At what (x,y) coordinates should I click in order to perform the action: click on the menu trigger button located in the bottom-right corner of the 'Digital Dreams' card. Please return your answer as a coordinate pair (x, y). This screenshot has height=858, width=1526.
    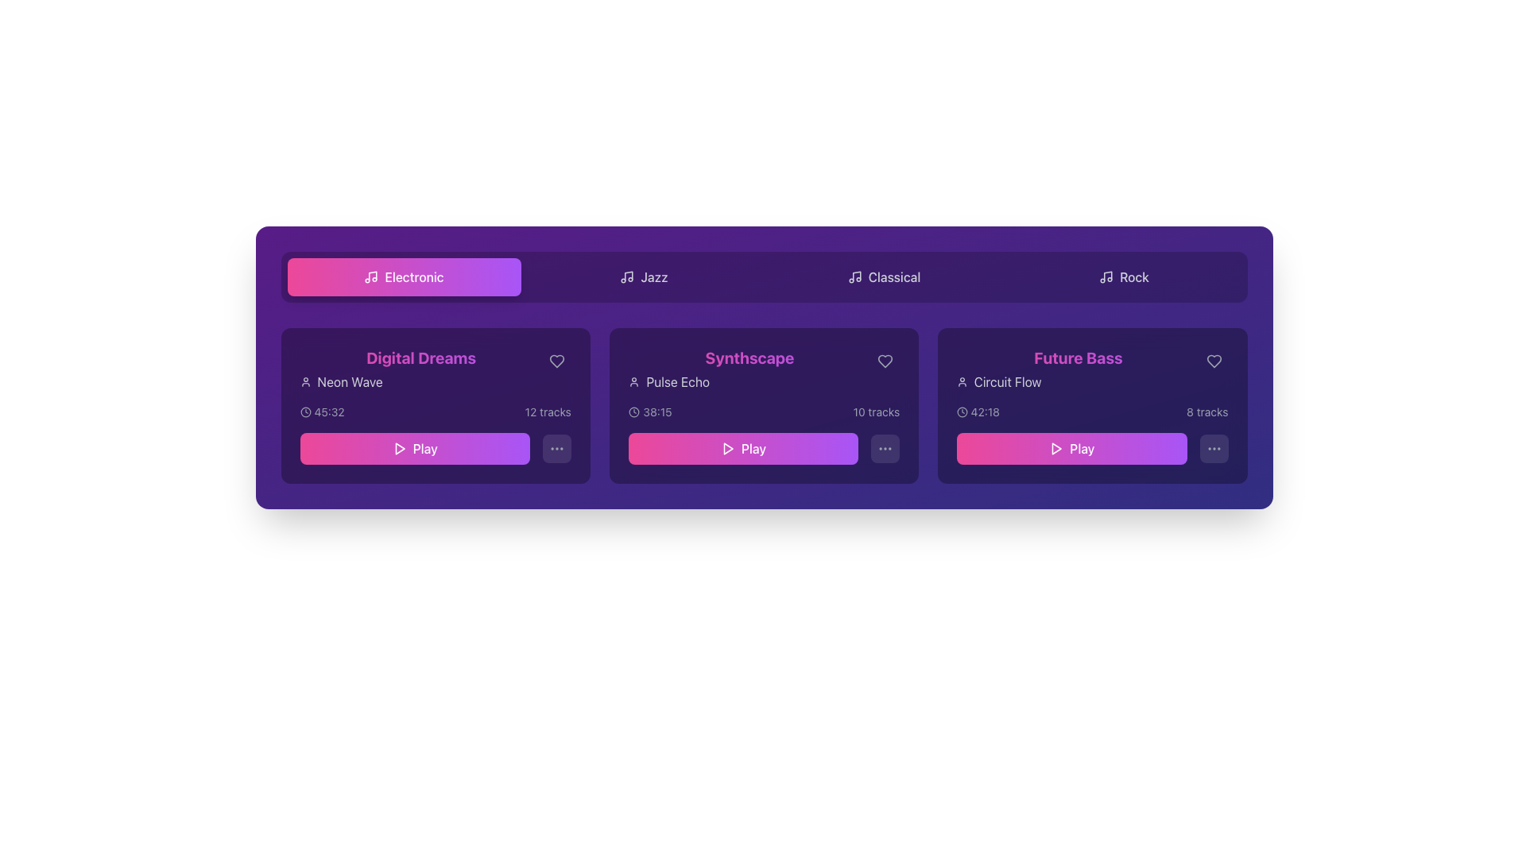
    Looking at the image, I should click on (556, 448).